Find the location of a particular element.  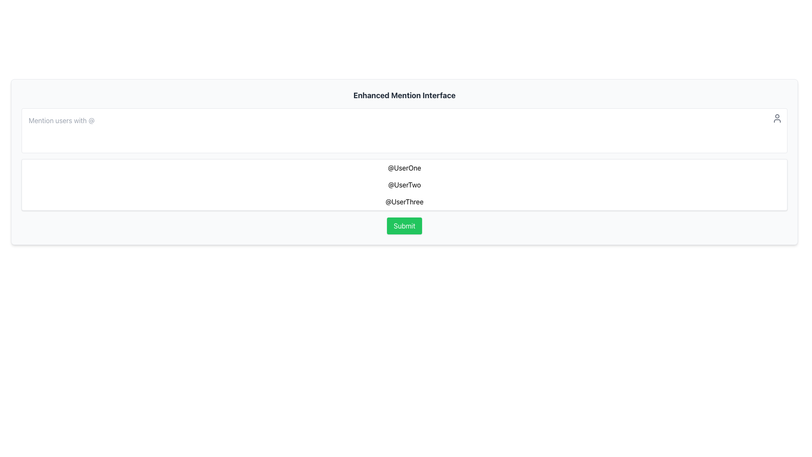

the user profile icon located in the upper-right corner of the mention input box, next to the placeholder text 'Mention users with @' is located at coordinates (777, 118).